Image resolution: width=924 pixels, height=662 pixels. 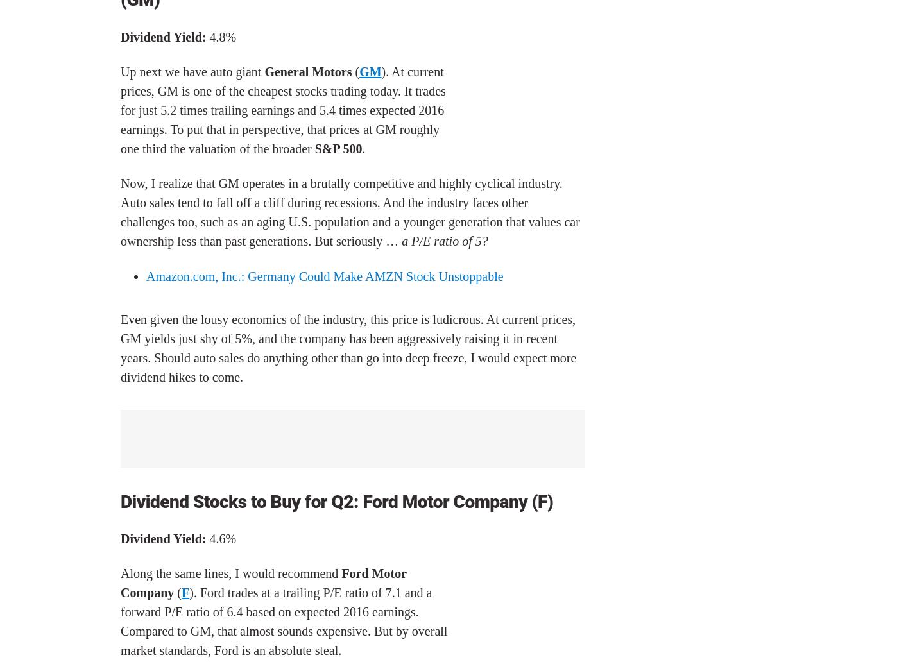 I want to click on 'S&P 500', so click(x=338, y=147).